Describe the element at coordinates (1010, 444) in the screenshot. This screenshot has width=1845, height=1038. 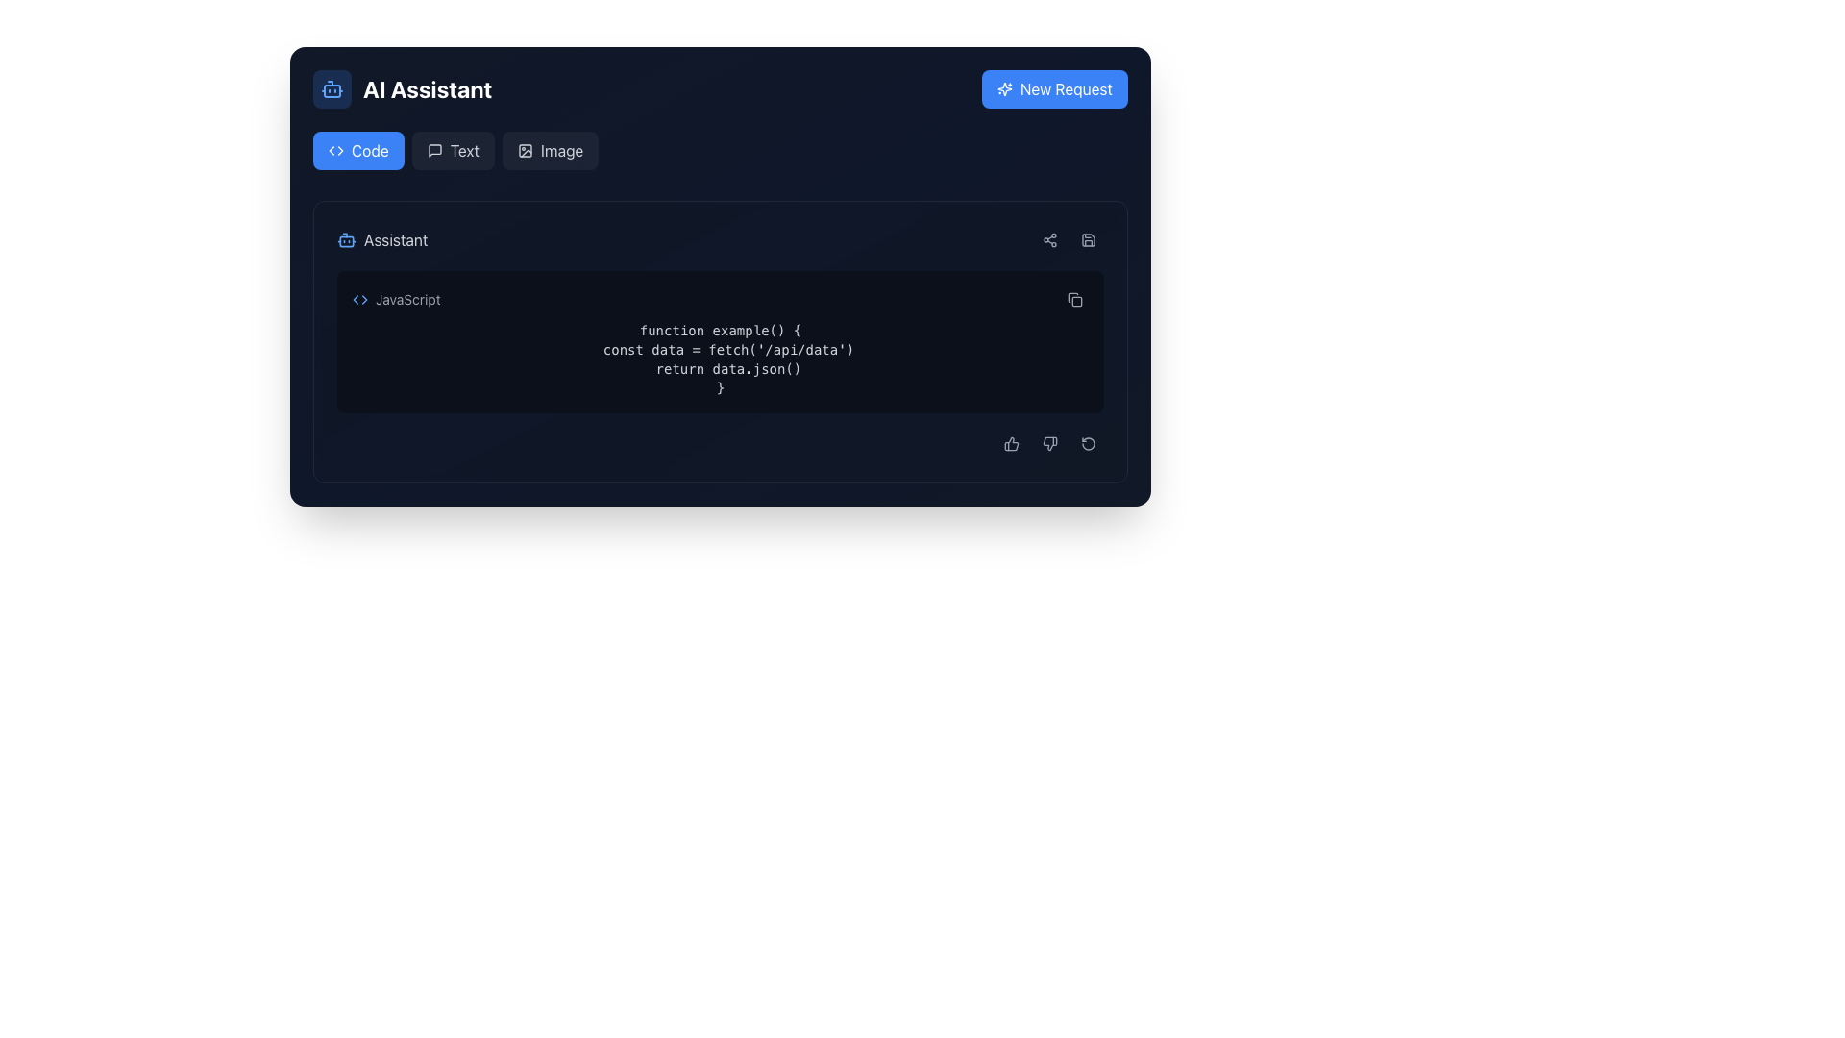
I see `the thumbs-up icon, which is a small muted gray icon indicating approval, located in the middle-right of the interface` at that location.